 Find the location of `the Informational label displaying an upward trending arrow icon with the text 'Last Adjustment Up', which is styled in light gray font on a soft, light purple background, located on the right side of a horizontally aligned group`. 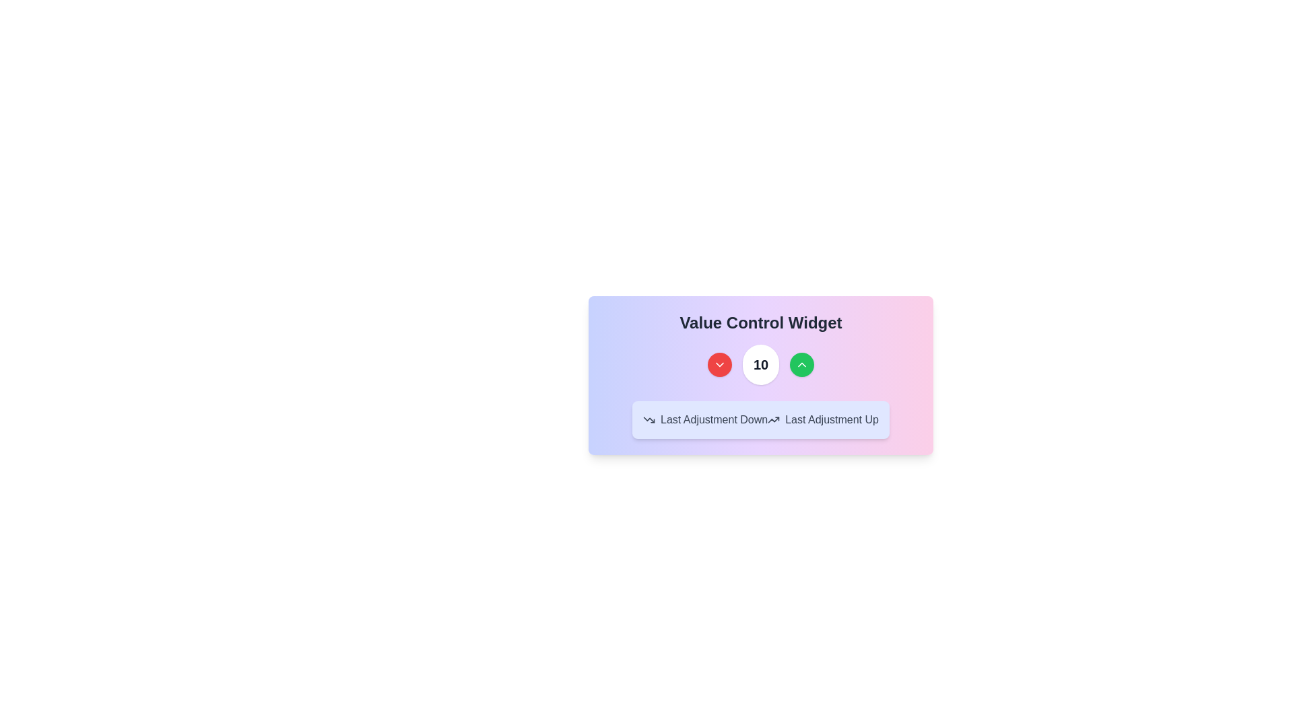

the Informational label displaying an upward trending arrow icon with the text 'Last Adjustment Up', which is styled in light gray font on a soft, light purple background, located on the right side of a horizontally aligned group is located at coordinates (822, 419).